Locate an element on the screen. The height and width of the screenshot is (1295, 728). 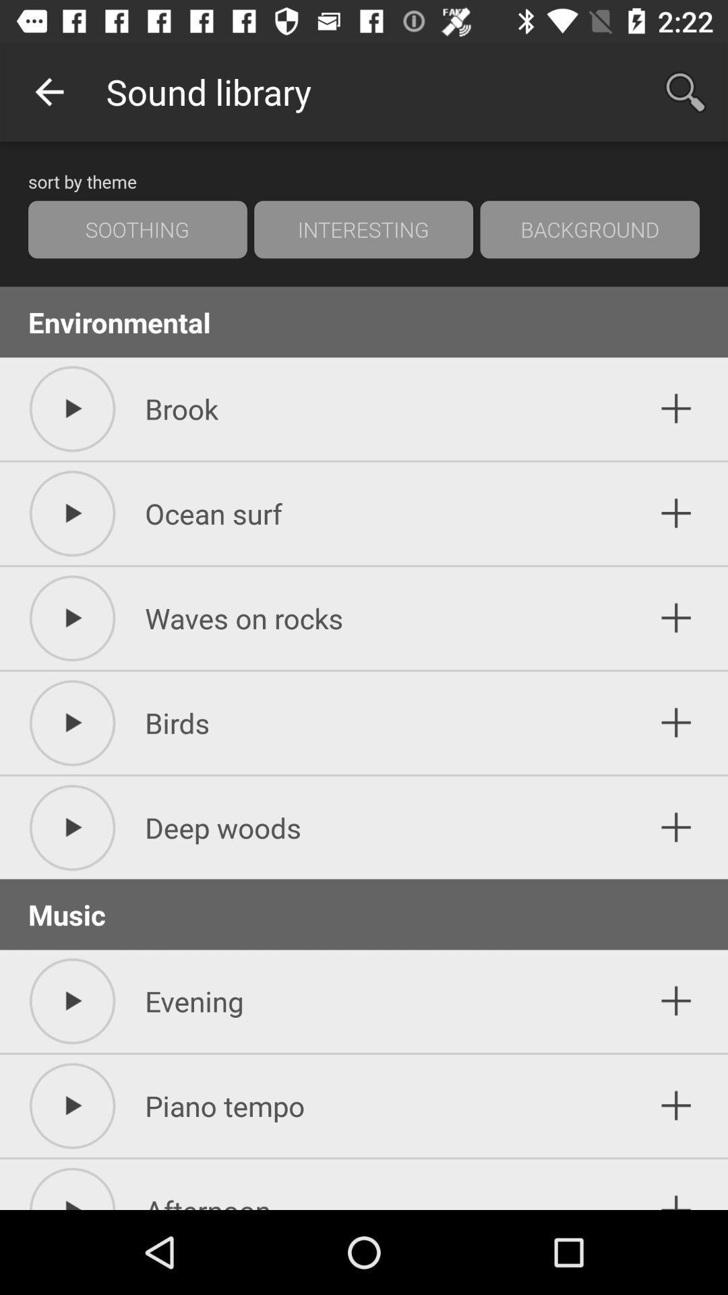
track option is located at coordinates (676, 1105).